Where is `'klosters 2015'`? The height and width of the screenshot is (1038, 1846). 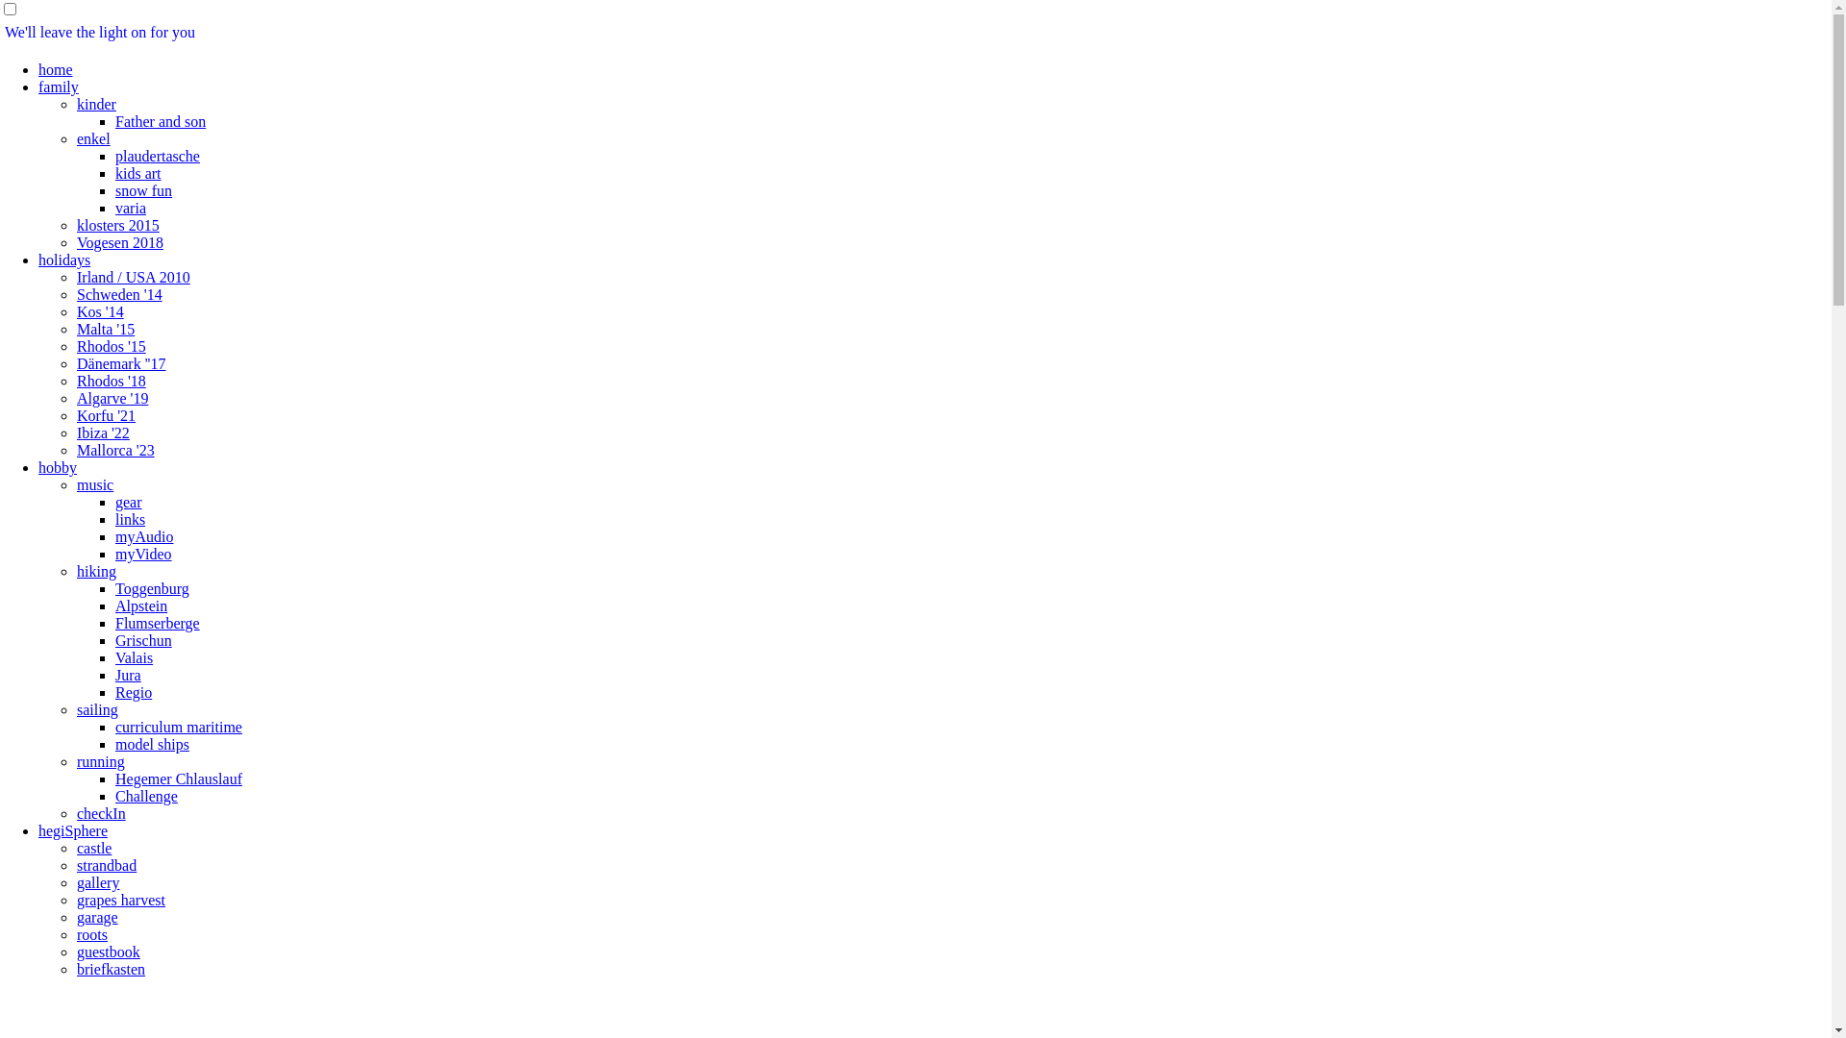
'klosters 2015' is located at coordinates (117, 224).